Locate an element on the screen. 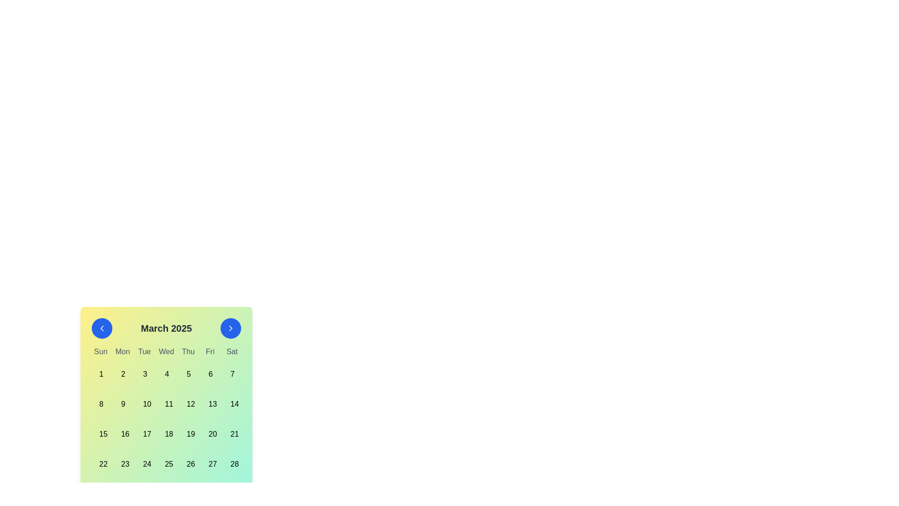 The image size is (899, 506). the calendar date cell representing the 21st day of the month, located in the seventh column (Saturday) of the fourth row under the 'Sat' label is located at coordinates (232, 434).